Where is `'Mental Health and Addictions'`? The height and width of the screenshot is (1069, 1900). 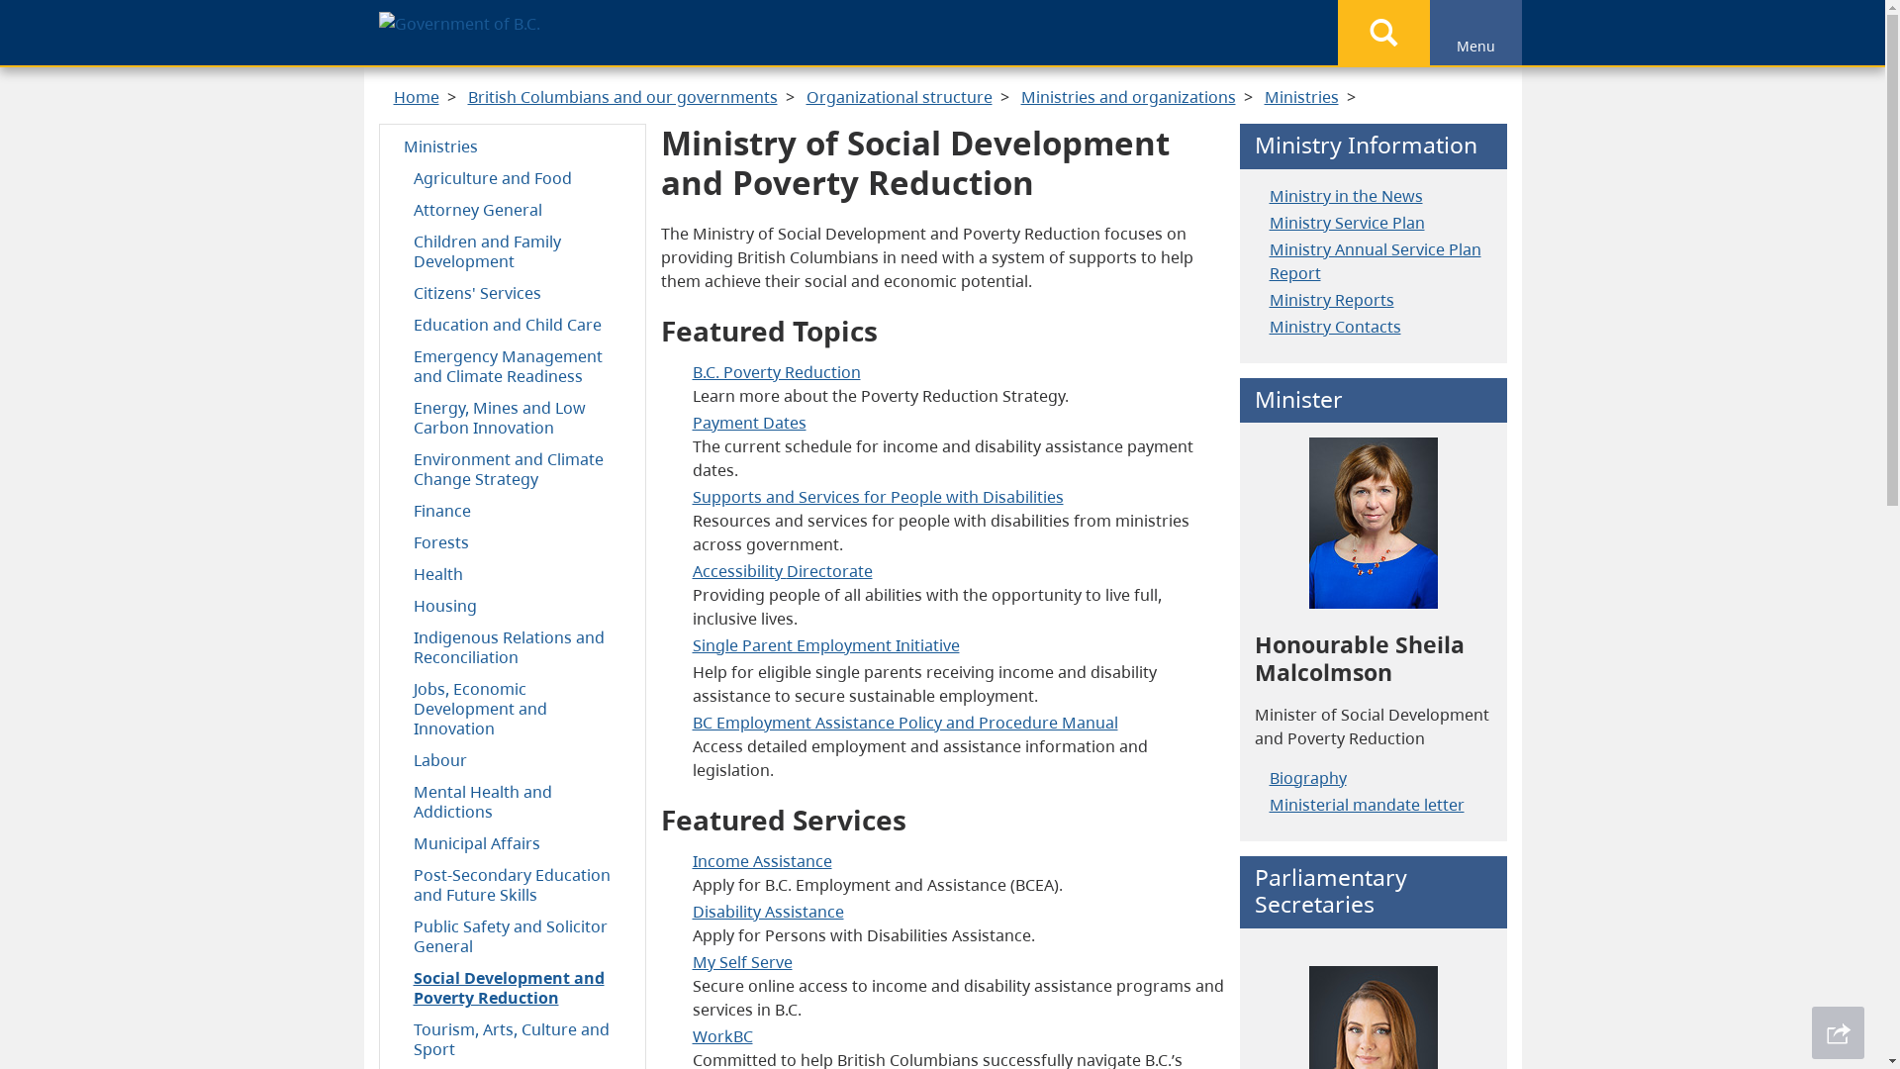
'Mental Health and Addictions' is located at coordinates (408, 800).